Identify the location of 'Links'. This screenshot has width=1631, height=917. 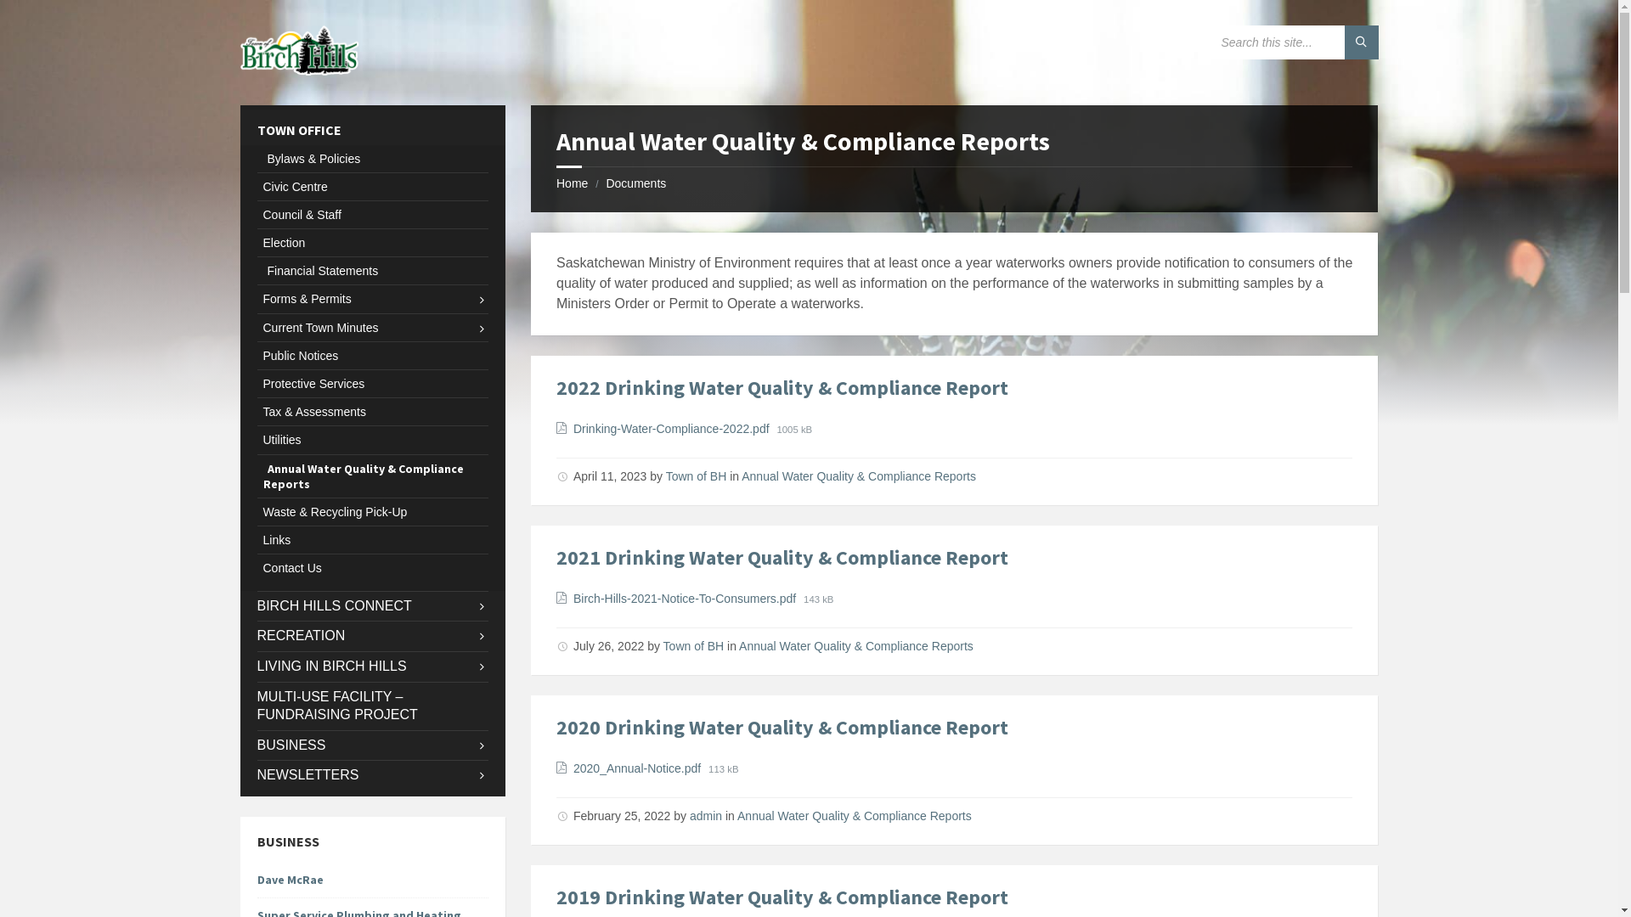
(370, 540).